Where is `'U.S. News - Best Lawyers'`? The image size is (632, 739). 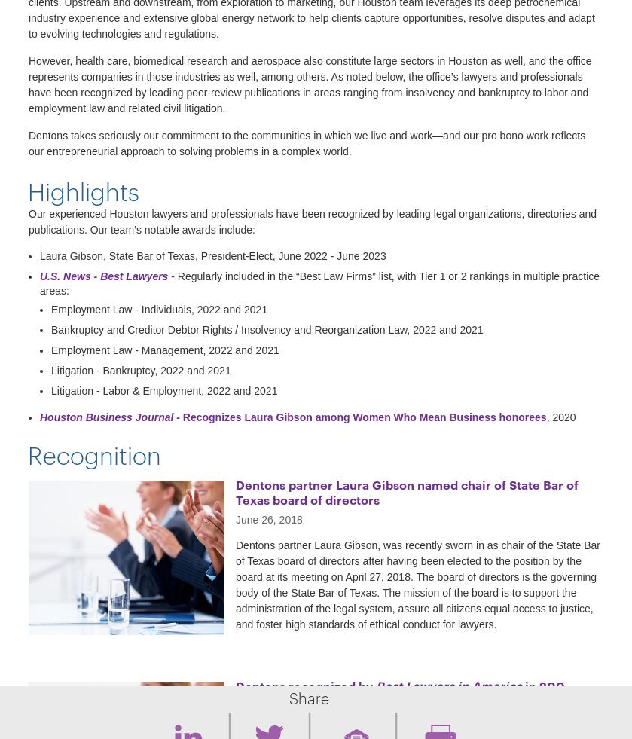
'U.S. News - Best Lawyers' is located at coordinates (40, 275).